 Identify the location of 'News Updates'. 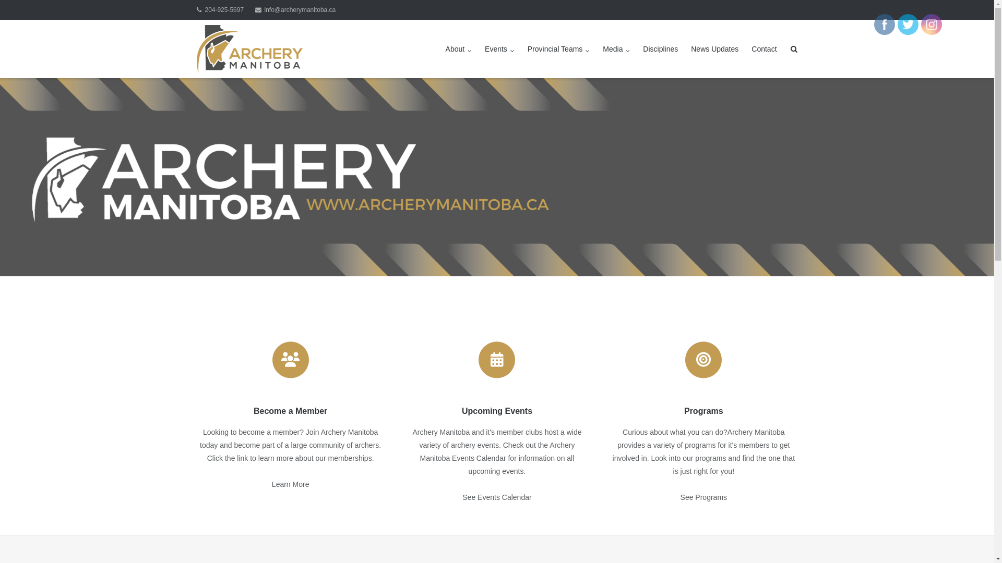
(714, 48).